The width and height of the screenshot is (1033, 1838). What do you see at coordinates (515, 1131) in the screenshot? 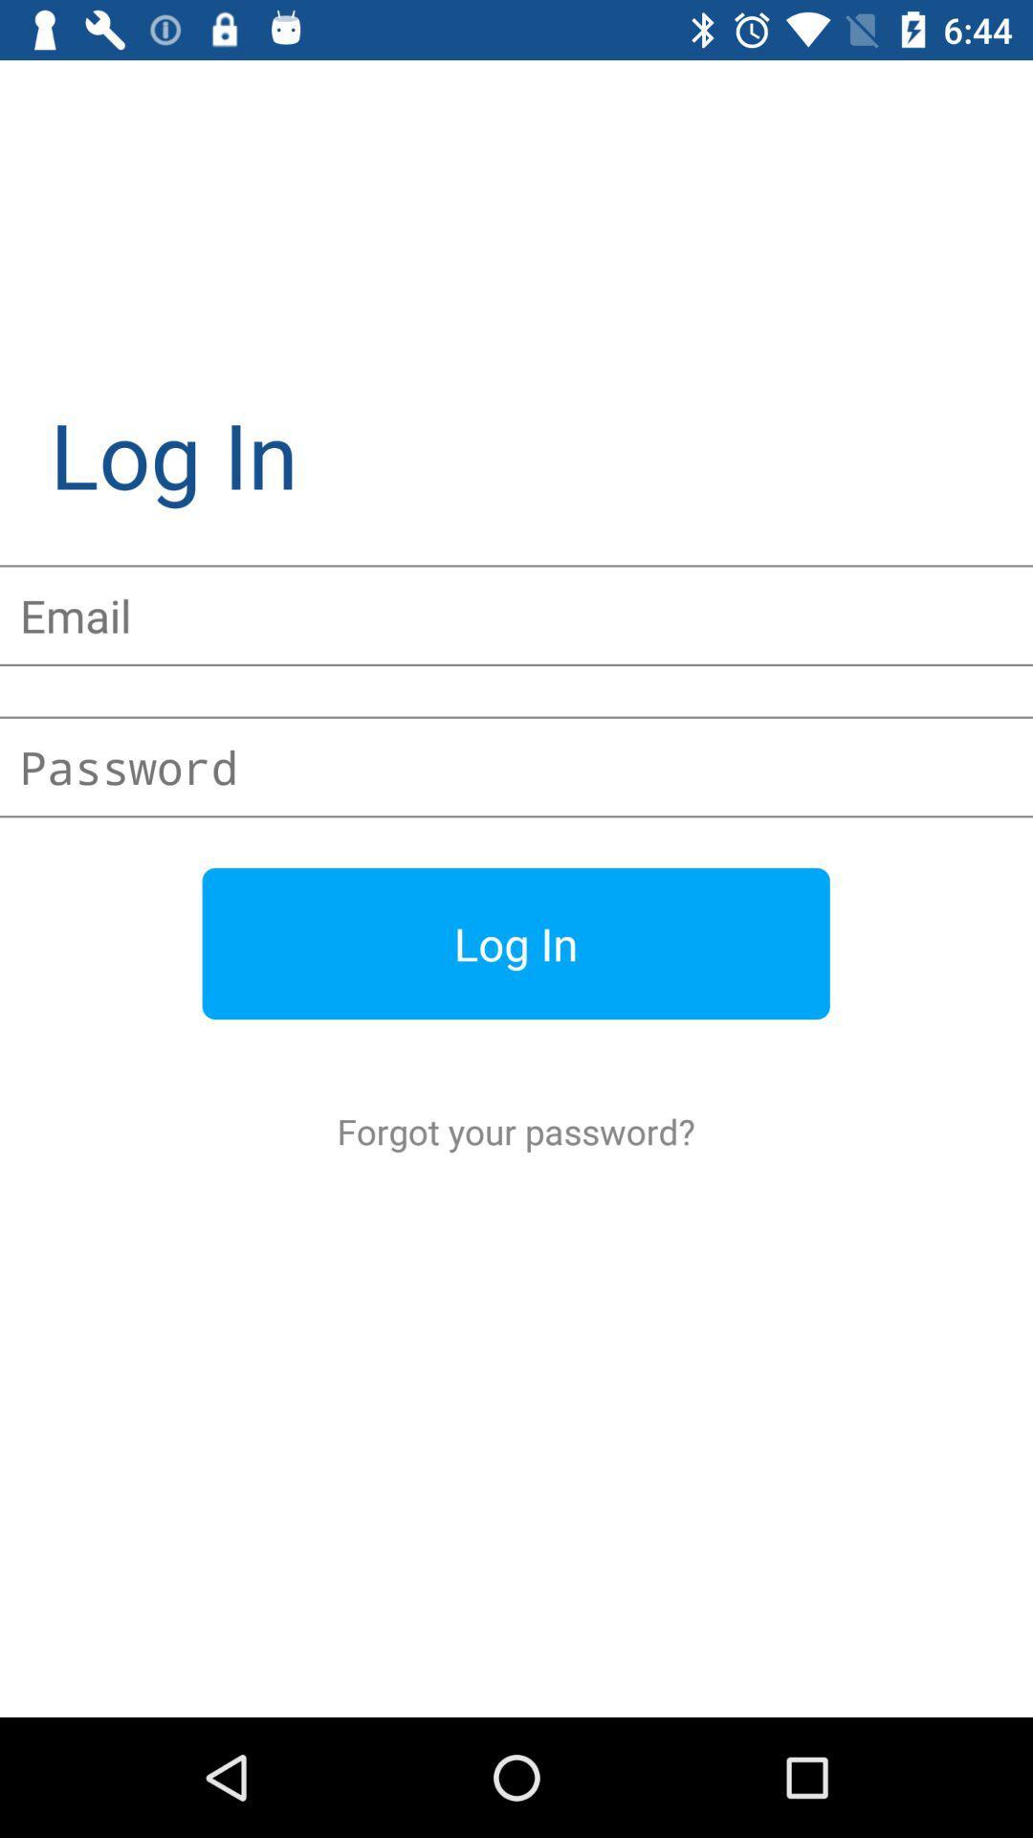
I see `item below the log in item` at bounding box center [515, 1131].